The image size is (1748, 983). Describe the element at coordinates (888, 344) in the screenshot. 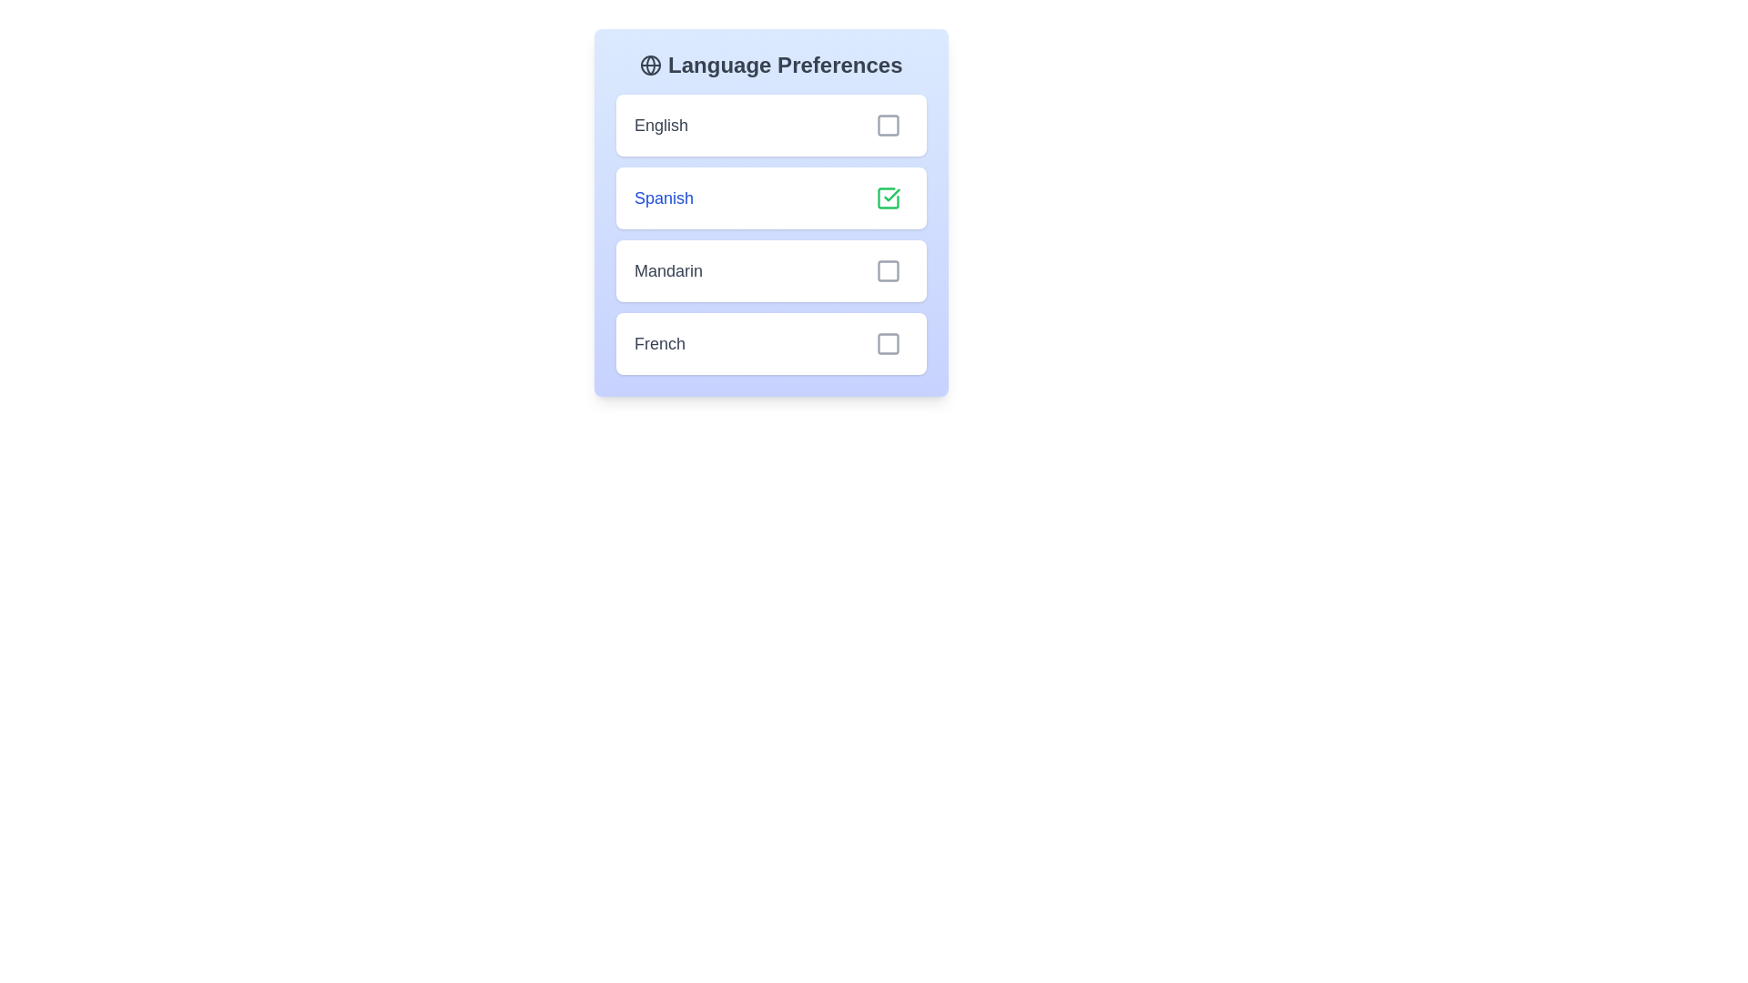

I see `the checkbox` at that location.